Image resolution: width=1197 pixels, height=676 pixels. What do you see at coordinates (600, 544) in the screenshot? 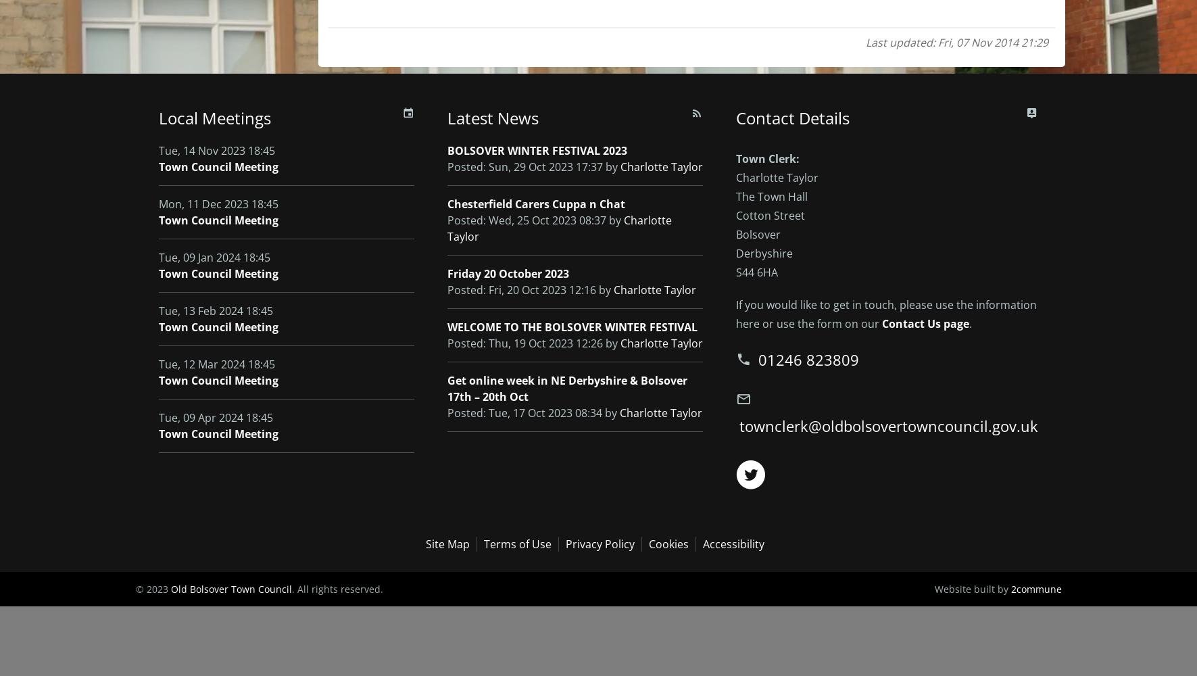
I see `'Privacy Policy'` at bounding box center [600, 544].